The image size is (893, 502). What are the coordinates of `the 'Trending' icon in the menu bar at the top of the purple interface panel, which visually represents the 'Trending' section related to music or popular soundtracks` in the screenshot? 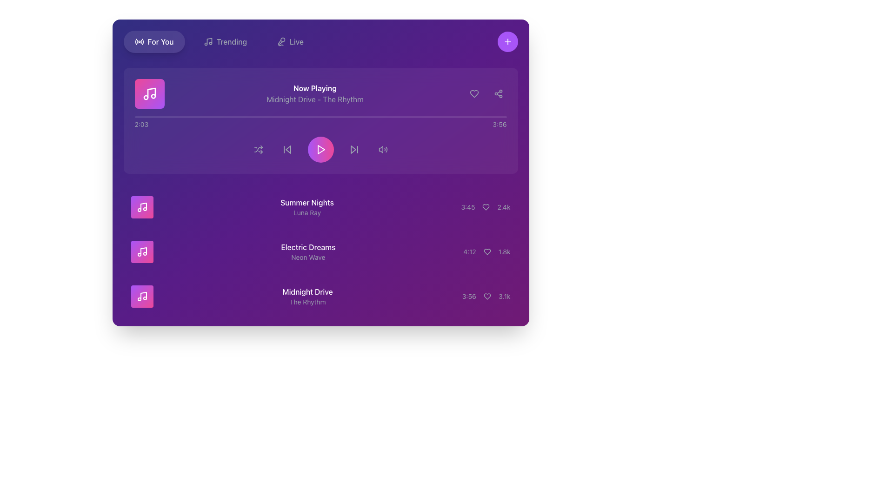 It's located at (207, 41).